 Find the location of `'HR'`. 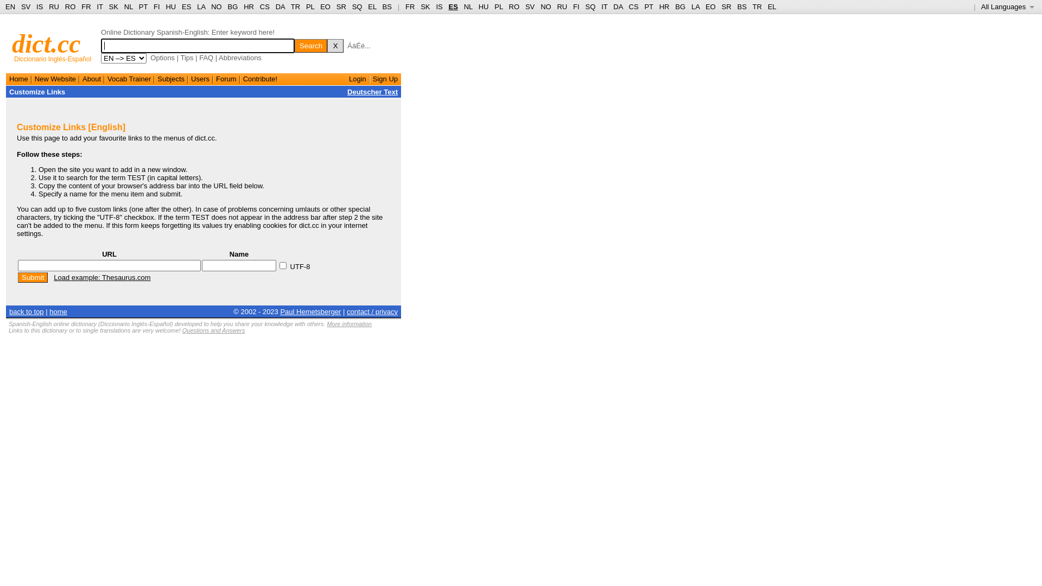

'HR' is located at coordinates (248, 7).